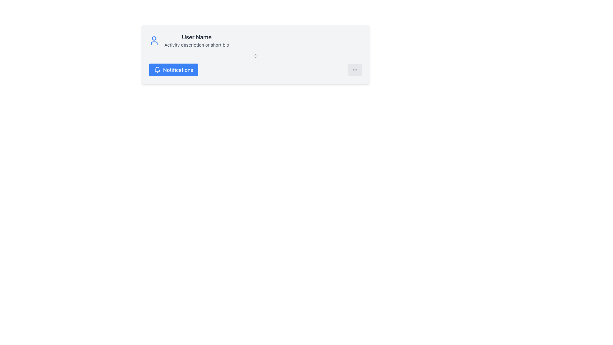 The height and width of the screenshot is (345, 613). I want to click on the circular graphical component that is part of the user icon, located above the icon's baseline within the user profile card, so click(154, 38).